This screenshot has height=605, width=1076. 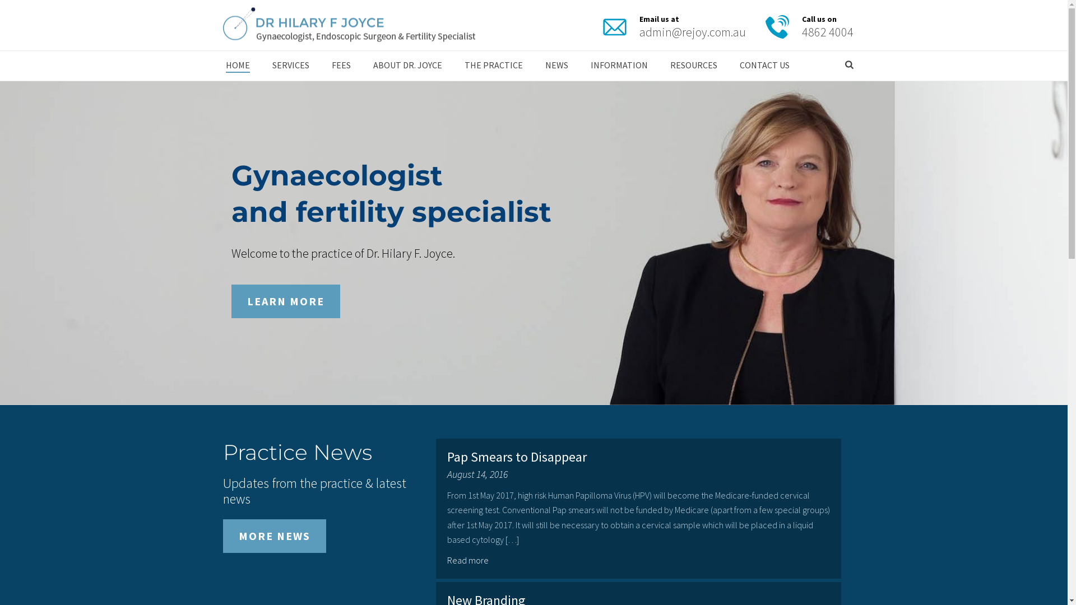 I want to click on 'SERVICES', so click(x=260, y=66).